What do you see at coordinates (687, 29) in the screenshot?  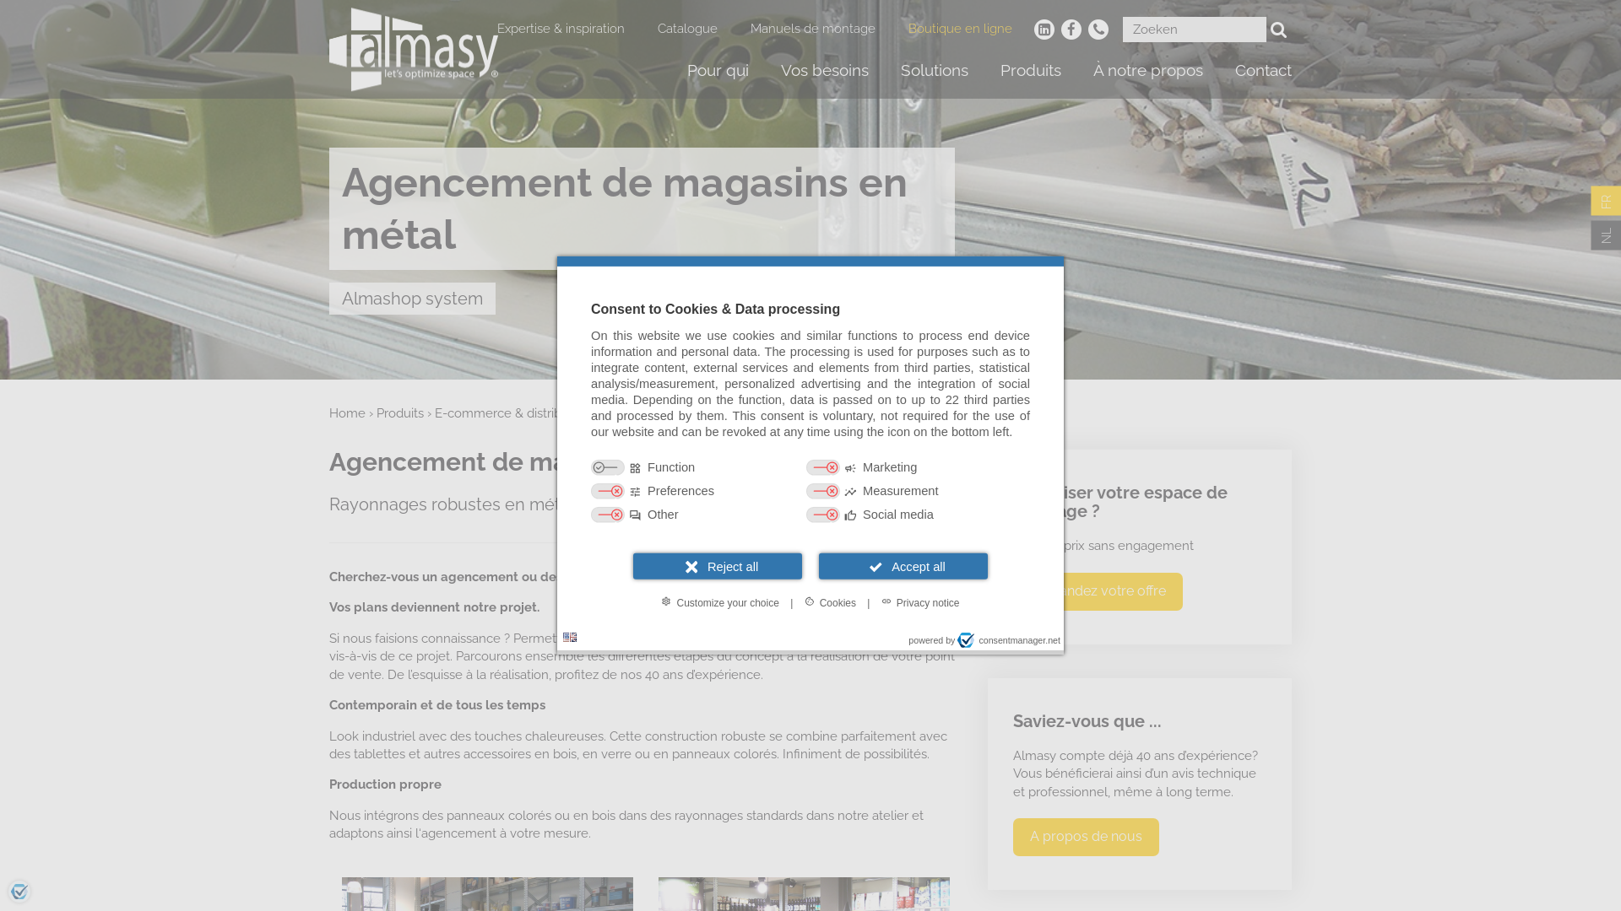 I see `'Catalogue'` at bounding box center [687, 29].